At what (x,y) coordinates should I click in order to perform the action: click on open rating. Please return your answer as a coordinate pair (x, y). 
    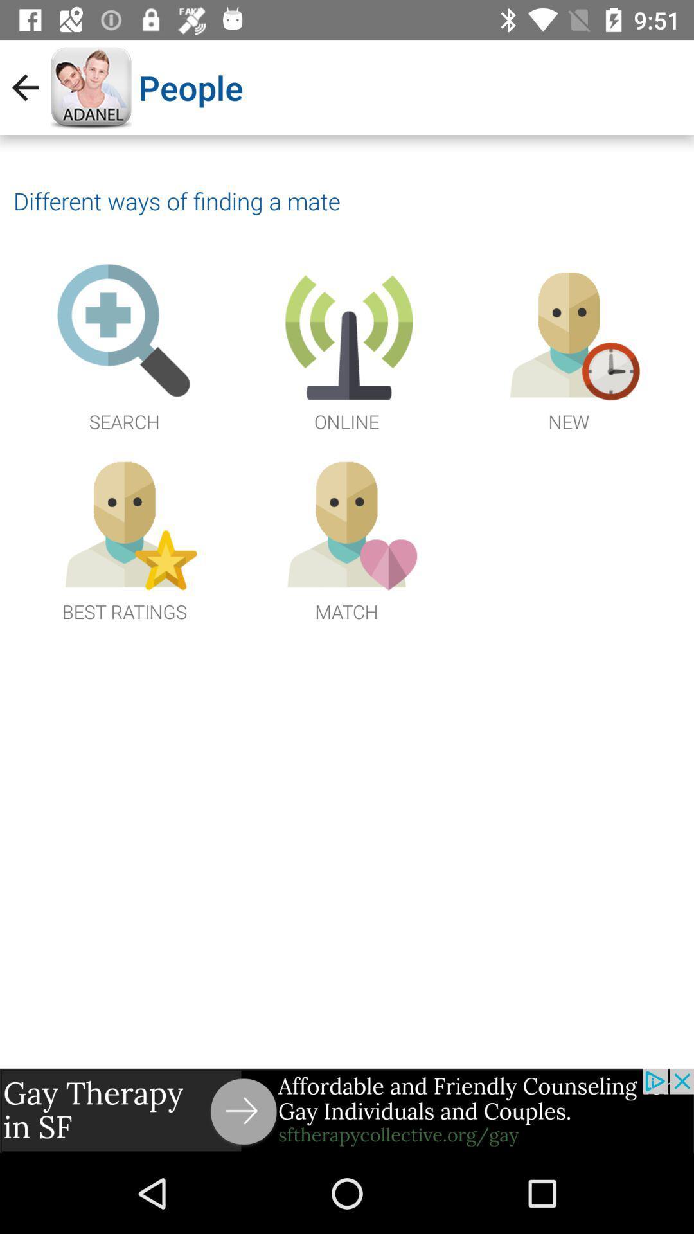
    Looking at the image, I should click on (124, 537).